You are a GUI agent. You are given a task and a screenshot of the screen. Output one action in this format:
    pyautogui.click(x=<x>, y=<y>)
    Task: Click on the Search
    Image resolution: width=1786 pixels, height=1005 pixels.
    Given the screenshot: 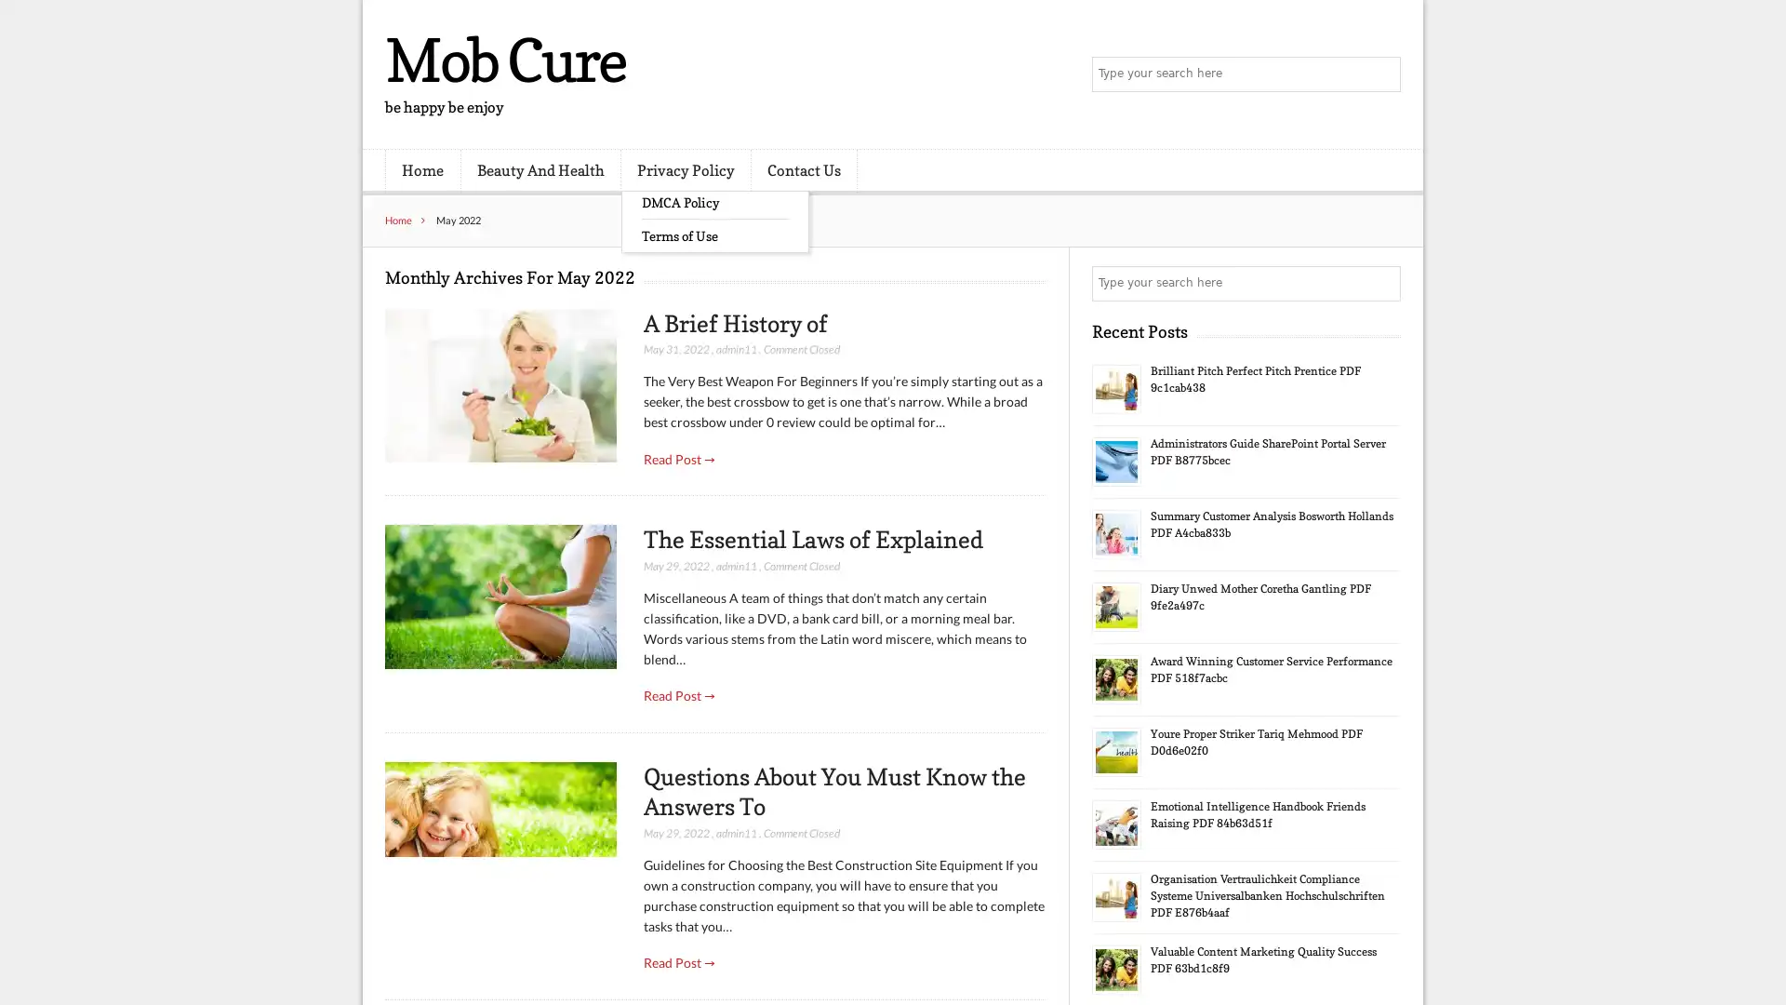 What is the action you would take?
    pyautogui.click(x=1381, y=283)
    